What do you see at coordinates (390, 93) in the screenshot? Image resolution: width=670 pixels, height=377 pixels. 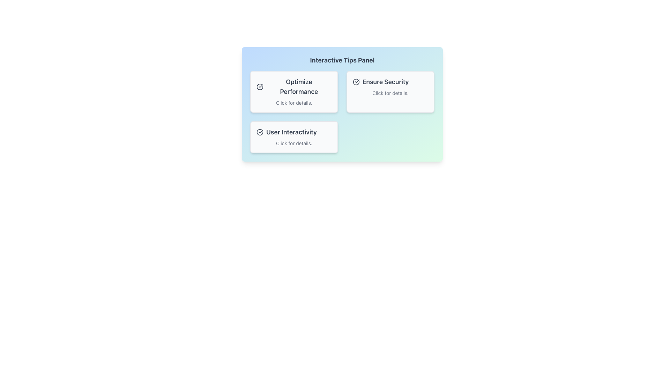 I see `the descriptive Text label located at the bottom of the 'Ensure Security' card, which is centered horizontally below the main title` at bounding box center [390, 93].